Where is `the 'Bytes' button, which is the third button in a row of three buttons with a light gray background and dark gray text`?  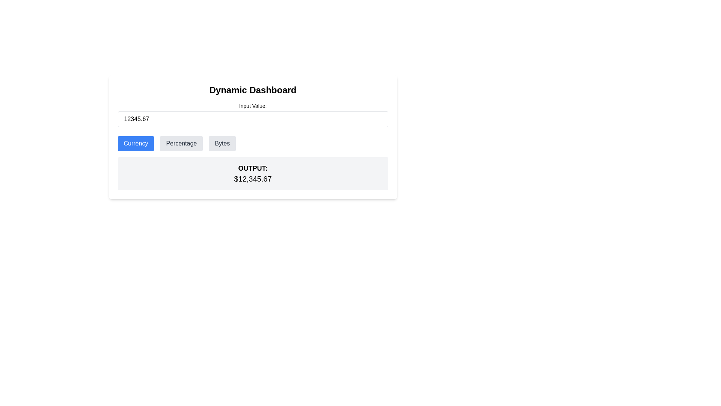 the 'Bytes' button, which is the third button in a row of three buttons with a light gray background and dark gray text is located at coordinates (222, 143).